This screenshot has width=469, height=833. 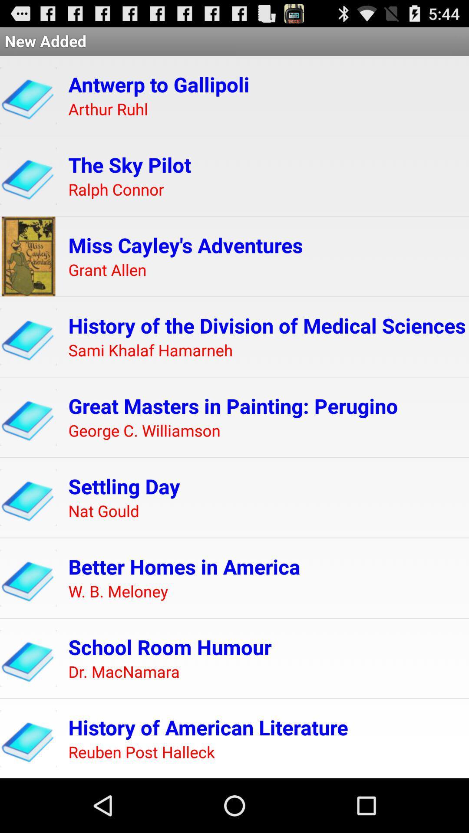 What do you see at coordinates (170, 647) in the screenshot?
I see `app below the w. b. meloney item` at bounding box center [170, 647].